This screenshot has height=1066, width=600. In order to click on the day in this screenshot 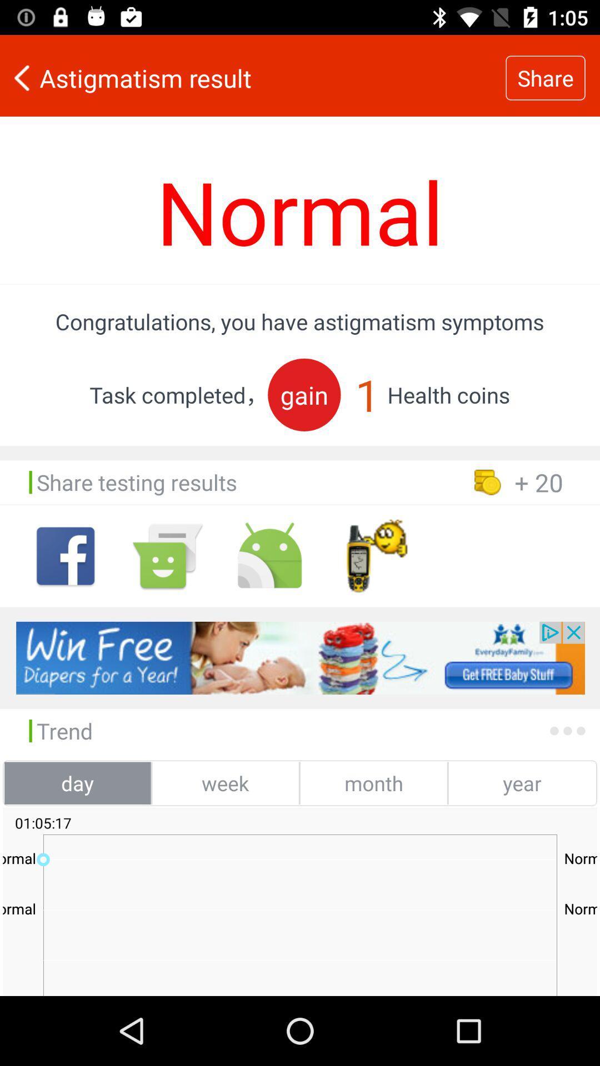, I will do `click(77, 782)`.